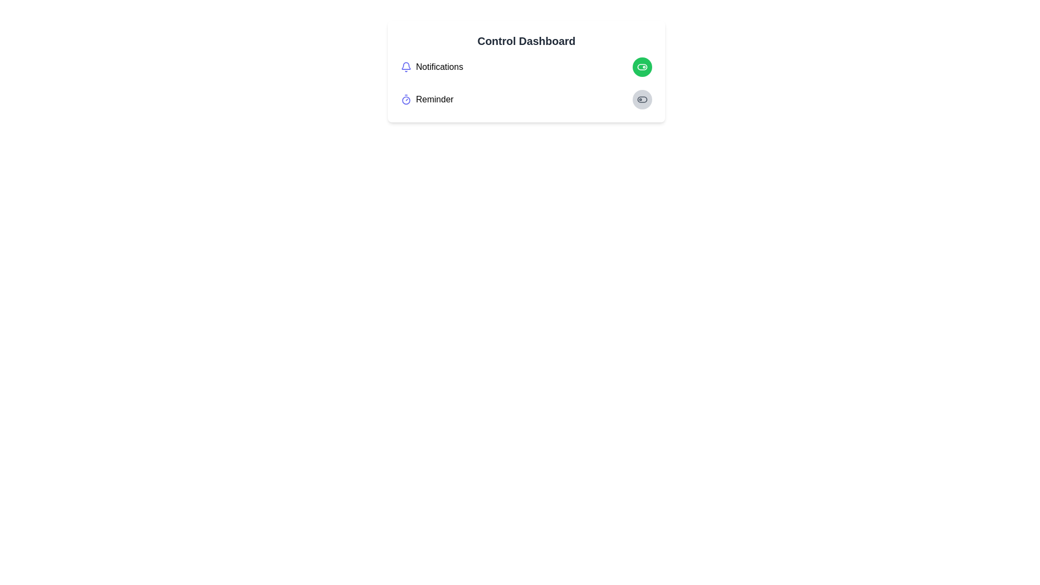 This screenshot has width=1040, height=585. What do you see at coordinates (642, 67) in the screenshot?
I see `the toggle switch for the 'Notifications' feature` at bounding box center [642, 67].